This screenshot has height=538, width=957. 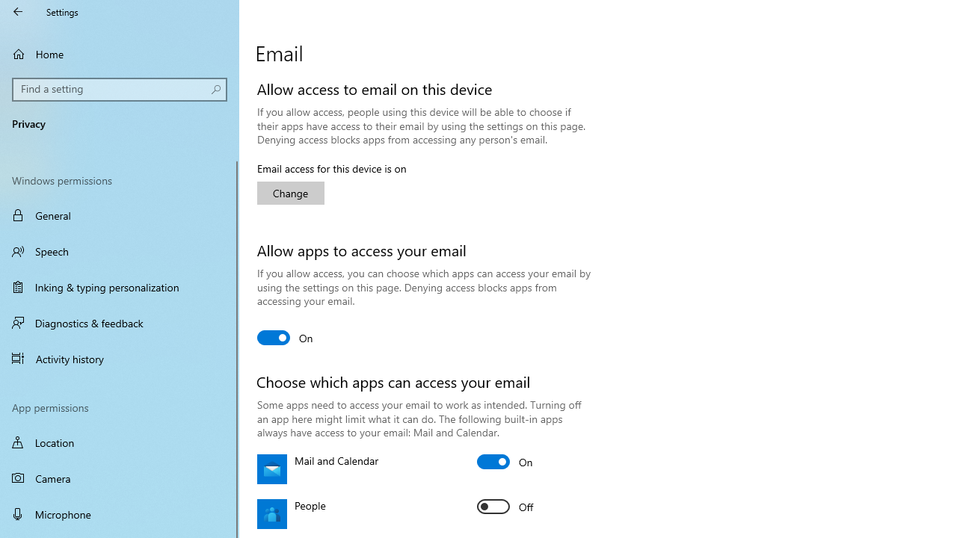 I want to click on 'Microphone', so click(x=120, y=513).